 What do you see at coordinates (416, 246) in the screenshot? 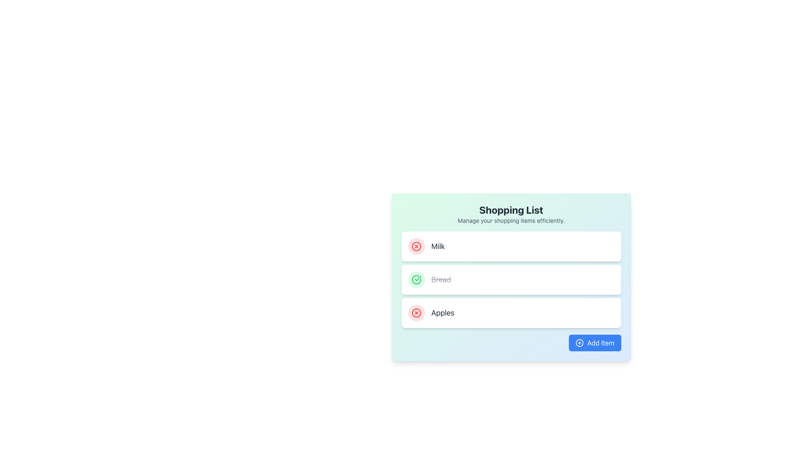
I see `the circular button with a red border and a red 'X' icon, which is the first button on the left of the text 'Milk' in the vertically stacked list` at bounding box center [416, 246].